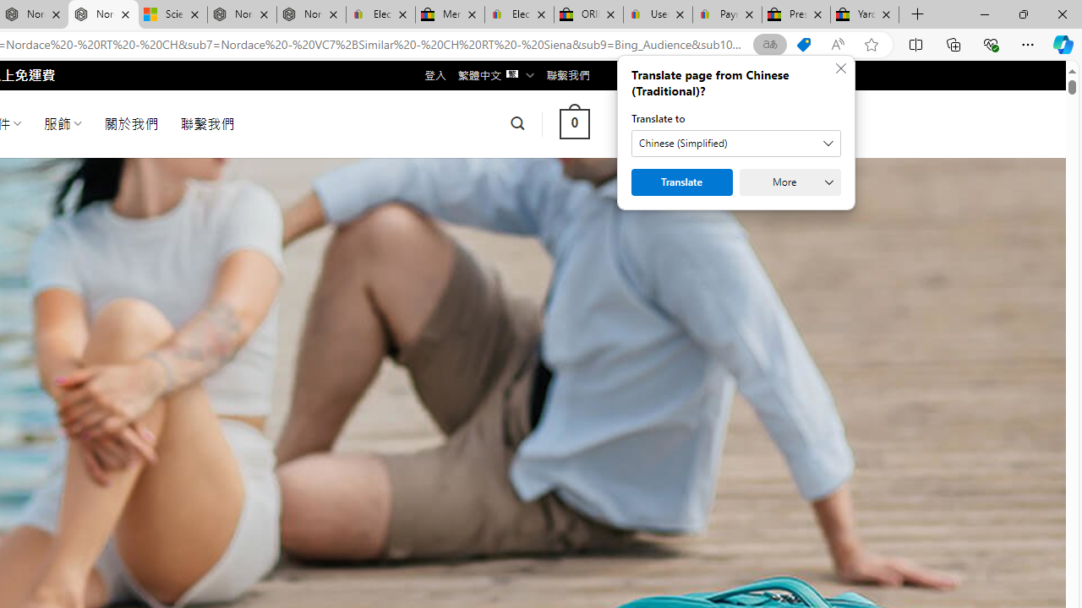 The width and height of the screenshot is (1082, 608). What do you see at coordinates (736, 142) in the screenshot?
I see `'Translate to'` at bounding box center [736, 142].